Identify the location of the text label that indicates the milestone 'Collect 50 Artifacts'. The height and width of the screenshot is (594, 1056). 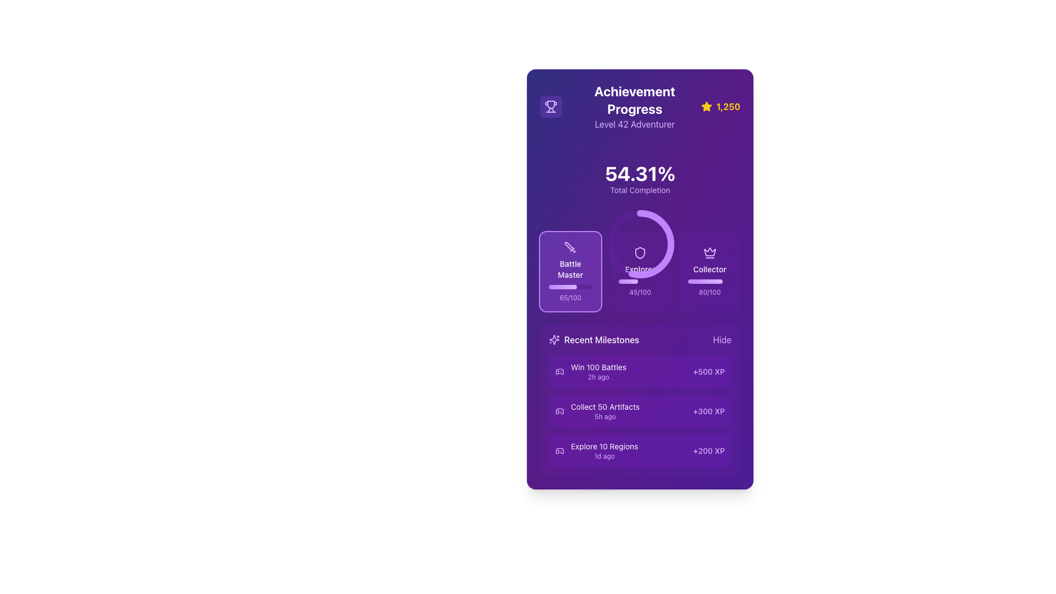
(604, 411).